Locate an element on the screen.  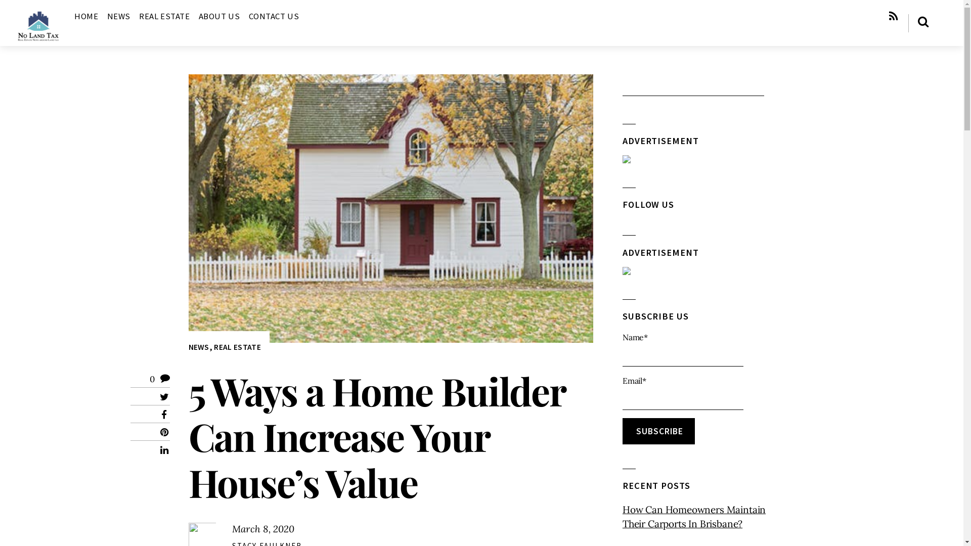
'ABOUT US' is located at coordinates (218, 16).